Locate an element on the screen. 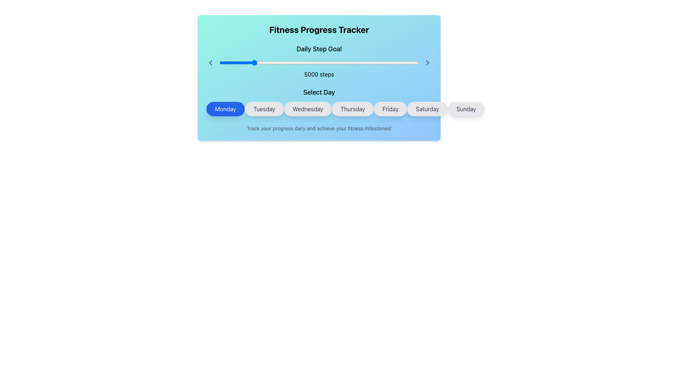  the text label that reads 'Track your progress daily and achieve your fitness milestones!', which is styled as a subtitle and positioned below the 'Select Day' section in the 'Fitness Progress Tracker' interface is located at coordinates (319, 128).